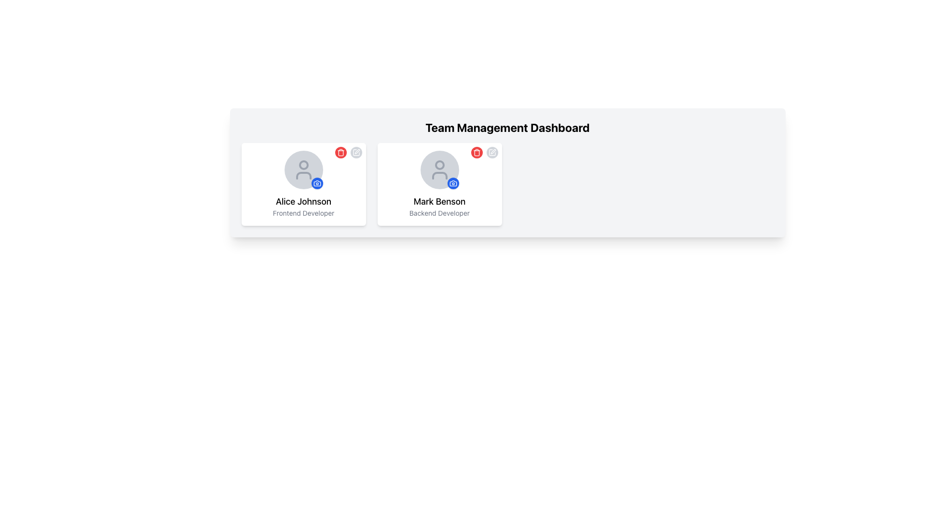 This screenshot has width=926, height=520. What do you see at coordinates (492, 152) in the screenshot?
I see `the edit button located in the top-right corner of the card for 'Mark Benson'` at bounding box center [492, 152].